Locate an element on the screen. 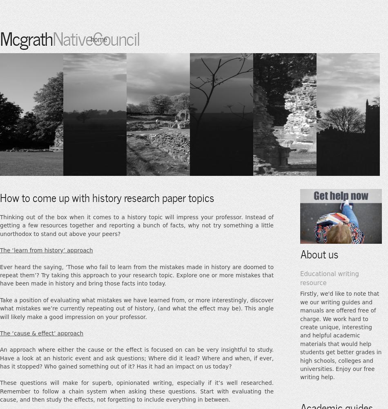 This screenshot has width=388, height=409. 'Take a position of evaluating what mistakes we have learned from, or more interestingly, discover what mistakes we’re currently repeating out of history, (and what the effect may be). This angle will likely make a good impression on your professor.' is located at coordinates (136, 308).